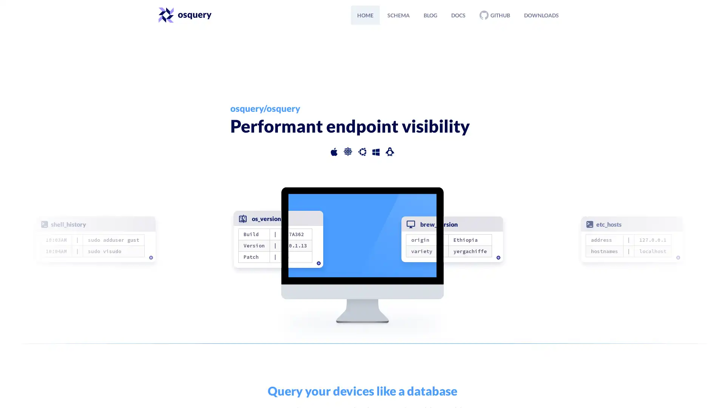 This screenshot has width=725, height=408. What do you see at coordinates (495, 15) in the screenshot?
I see `github-mark GITHUB` at bounding box center [495, 15].